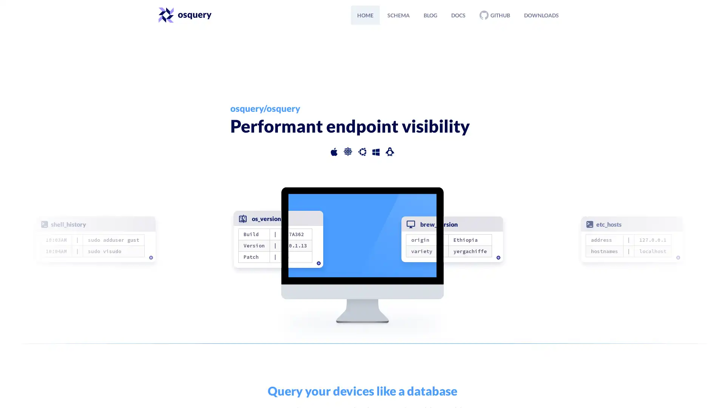 This screenshot has width=725, height=408. What do you see at coordinates (495, 15) in the screenshot?
I see `github-mark GITHUB` at bounding box center [495, 15].